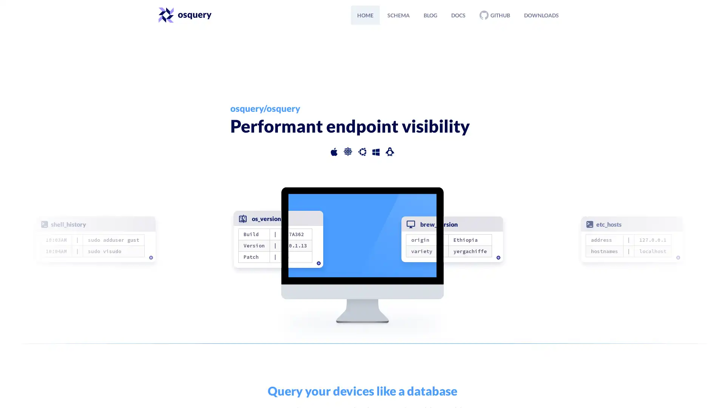 This screenshot has width=725, height=408. What do you see at coordinates (495, 15) in the screenshot?
I see `github-mark GITHUB` at bounding box center [495, 15].